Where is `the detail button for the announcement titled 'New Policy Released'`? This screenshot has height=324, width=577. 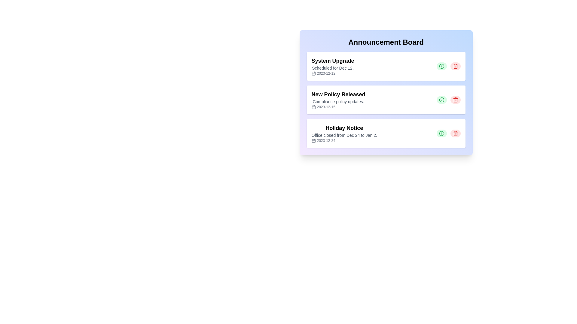
the detail button for the announcement titled 'New Policy Released' is located at coordinates (441, 99).